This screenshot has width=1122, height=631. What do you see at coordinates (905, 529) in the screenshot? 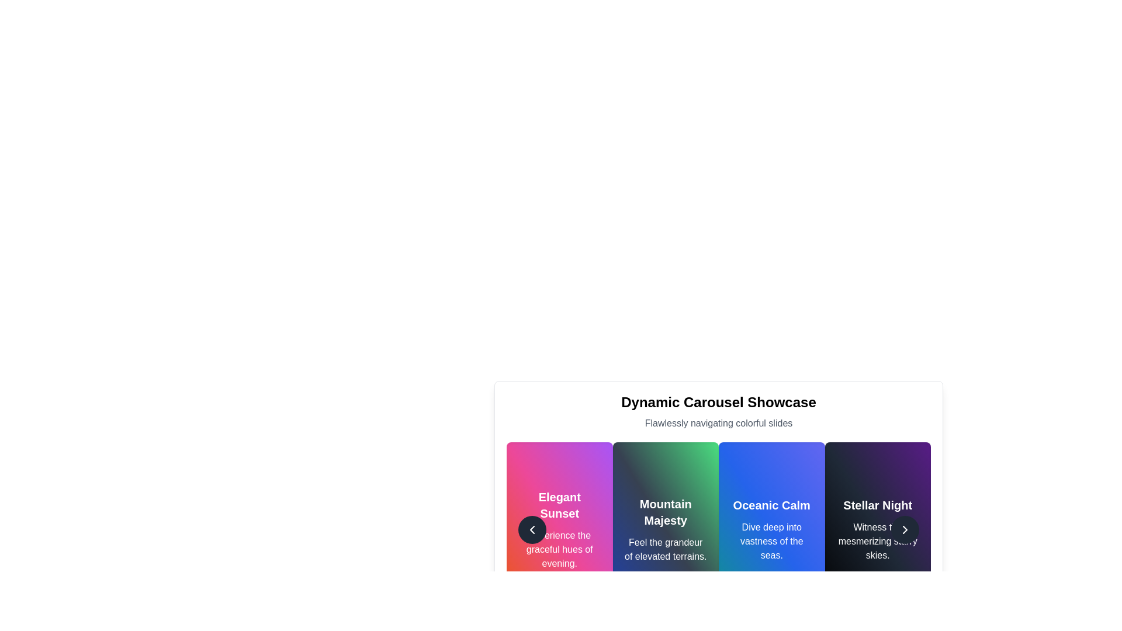
I see `the circular button with a dark gray background and a white chevron icon pointing right, located on the far right of the carousel component` at bounding box center [905, 529].